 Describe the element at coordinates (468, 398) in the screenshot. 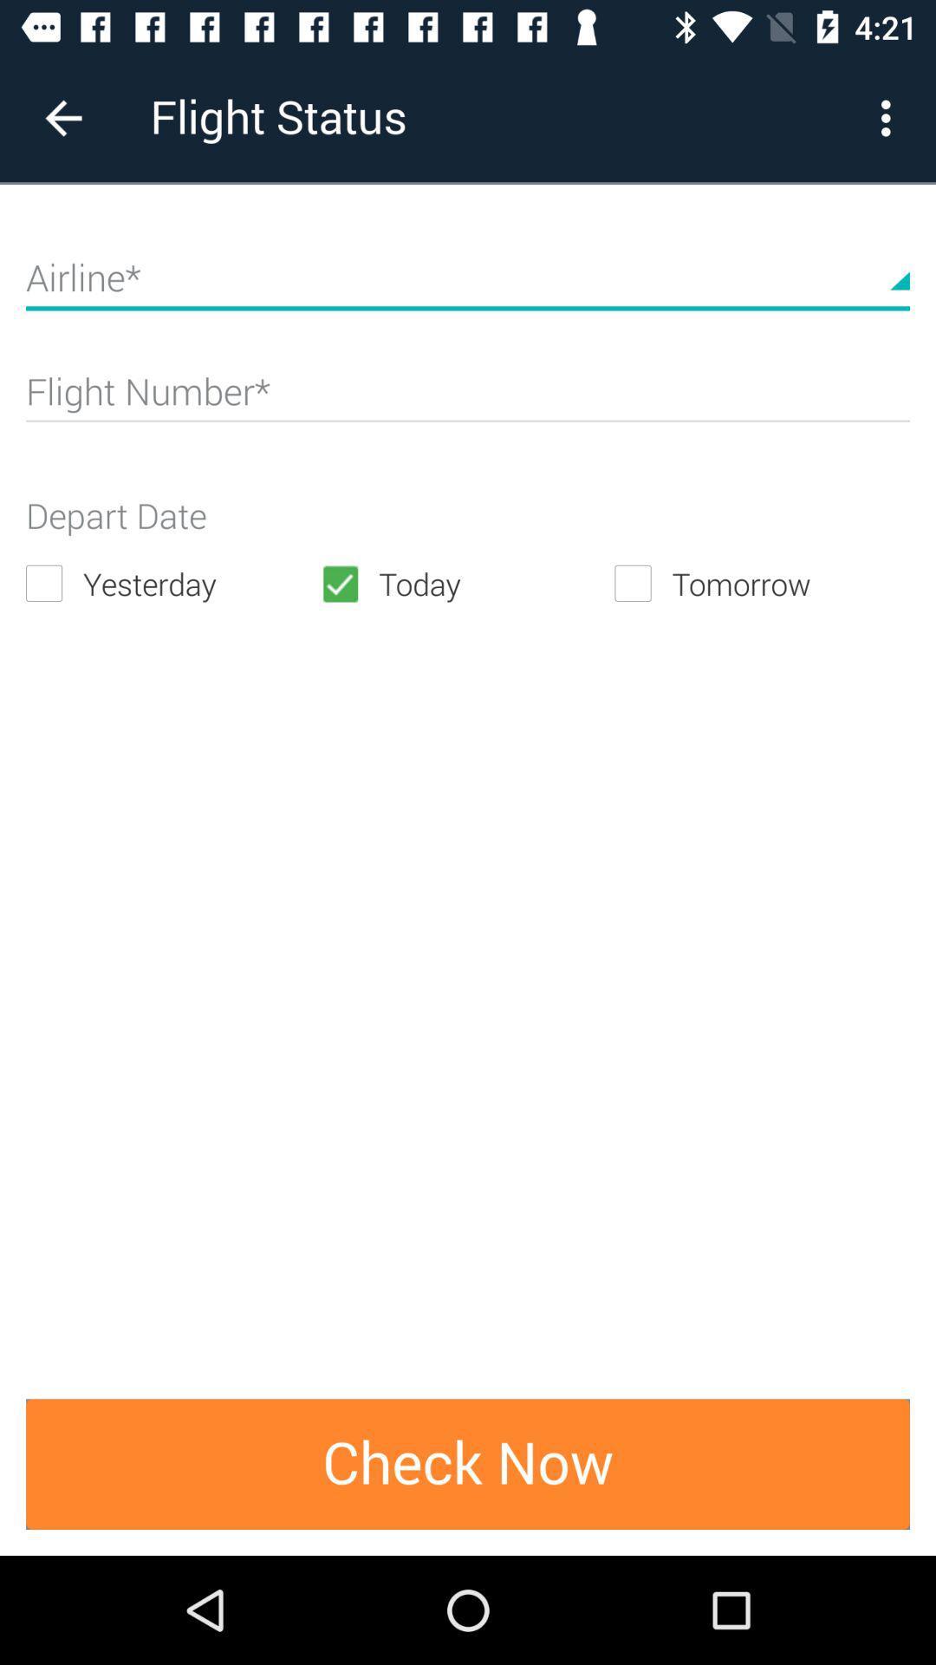

I see `a flight number` at that location.